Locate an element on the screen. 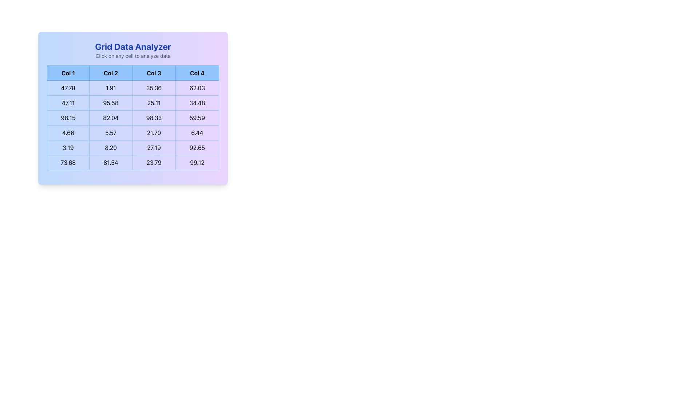 Image resolution: width=699 pixels, height=393 pixels. the Data grid cell displaying the numeric value '6.44' located in the fourth column ('Col 4') and fourth row of the table is located at coordinates (197, 133).